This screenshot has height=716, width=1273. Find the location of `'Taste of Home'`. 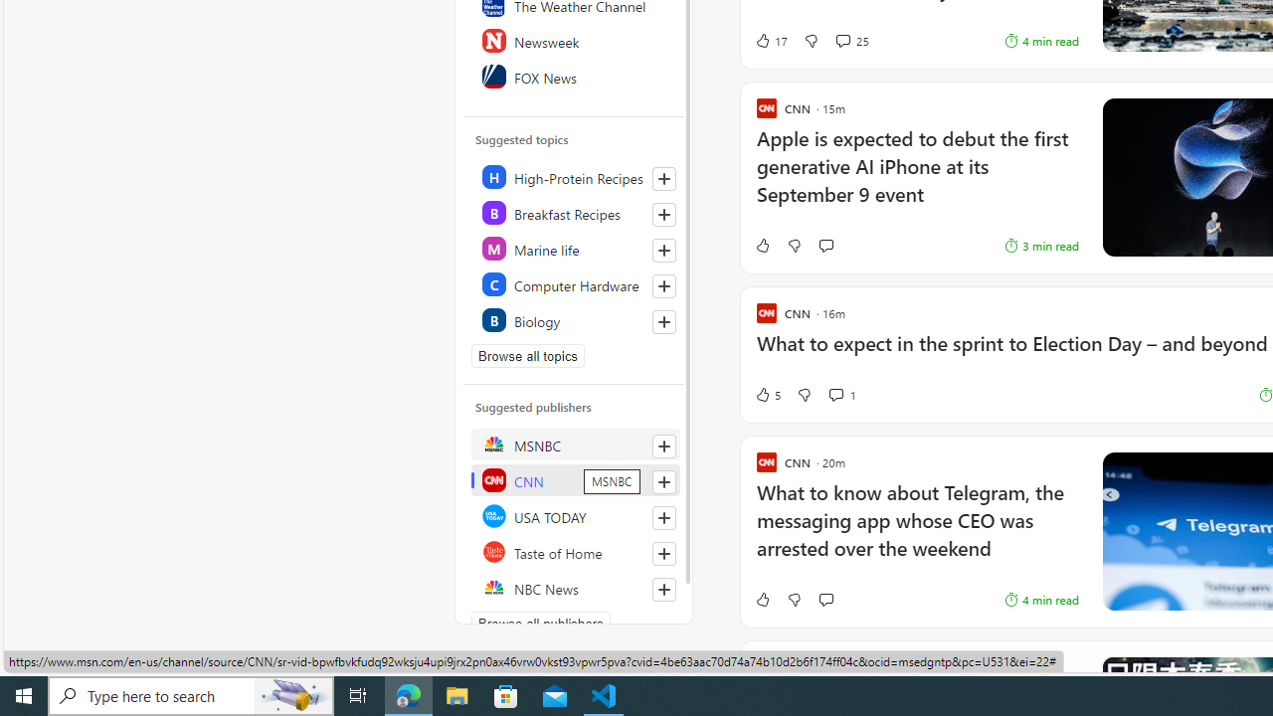

'Taste of Home' is located at coordinates (574, 552).